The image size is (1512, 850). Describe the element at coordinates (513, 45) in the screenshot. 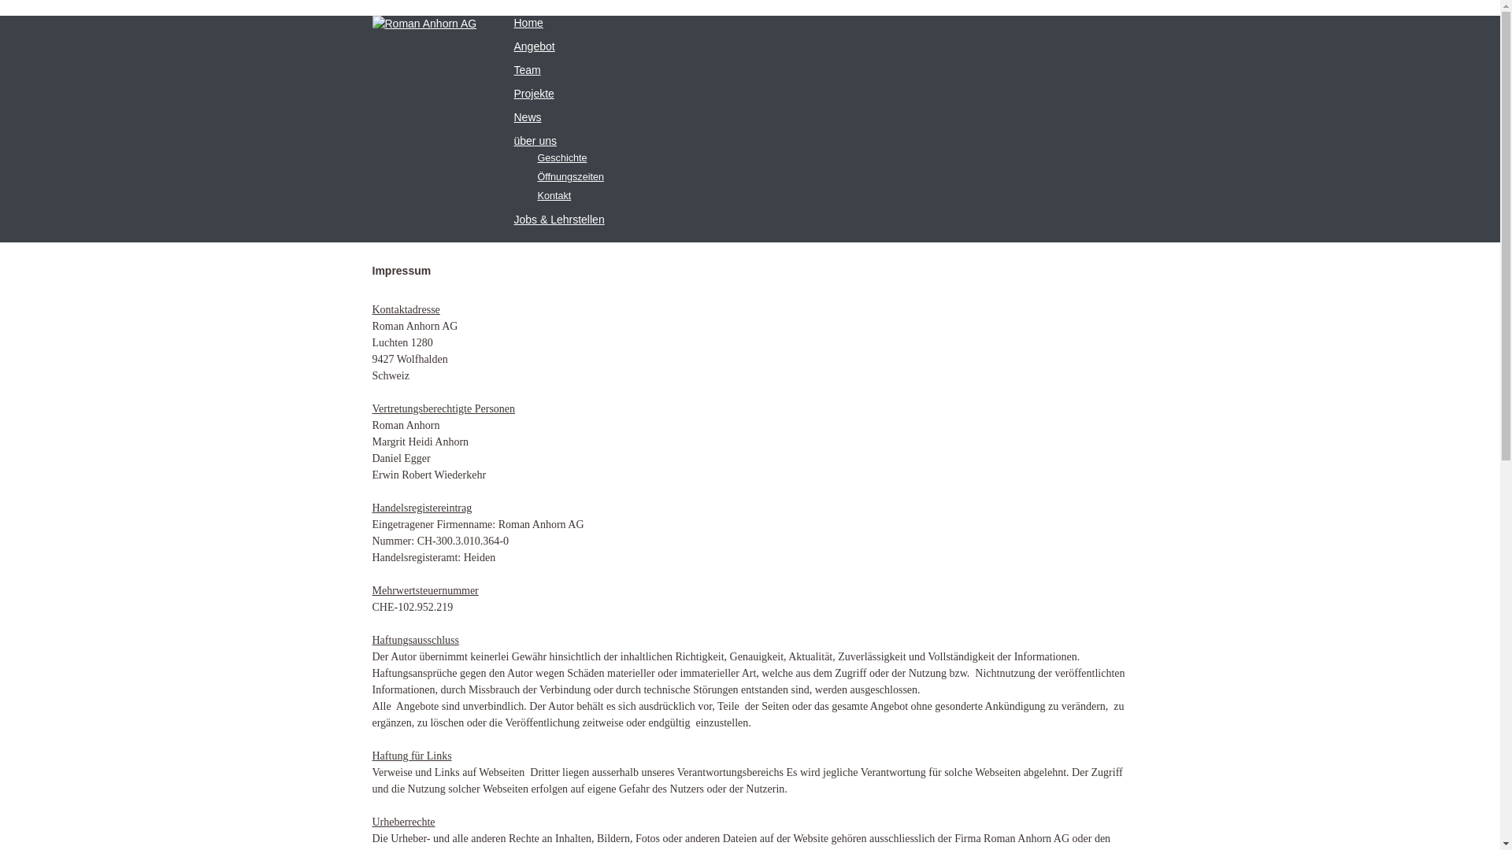

I see `'Angebot'` at that location.